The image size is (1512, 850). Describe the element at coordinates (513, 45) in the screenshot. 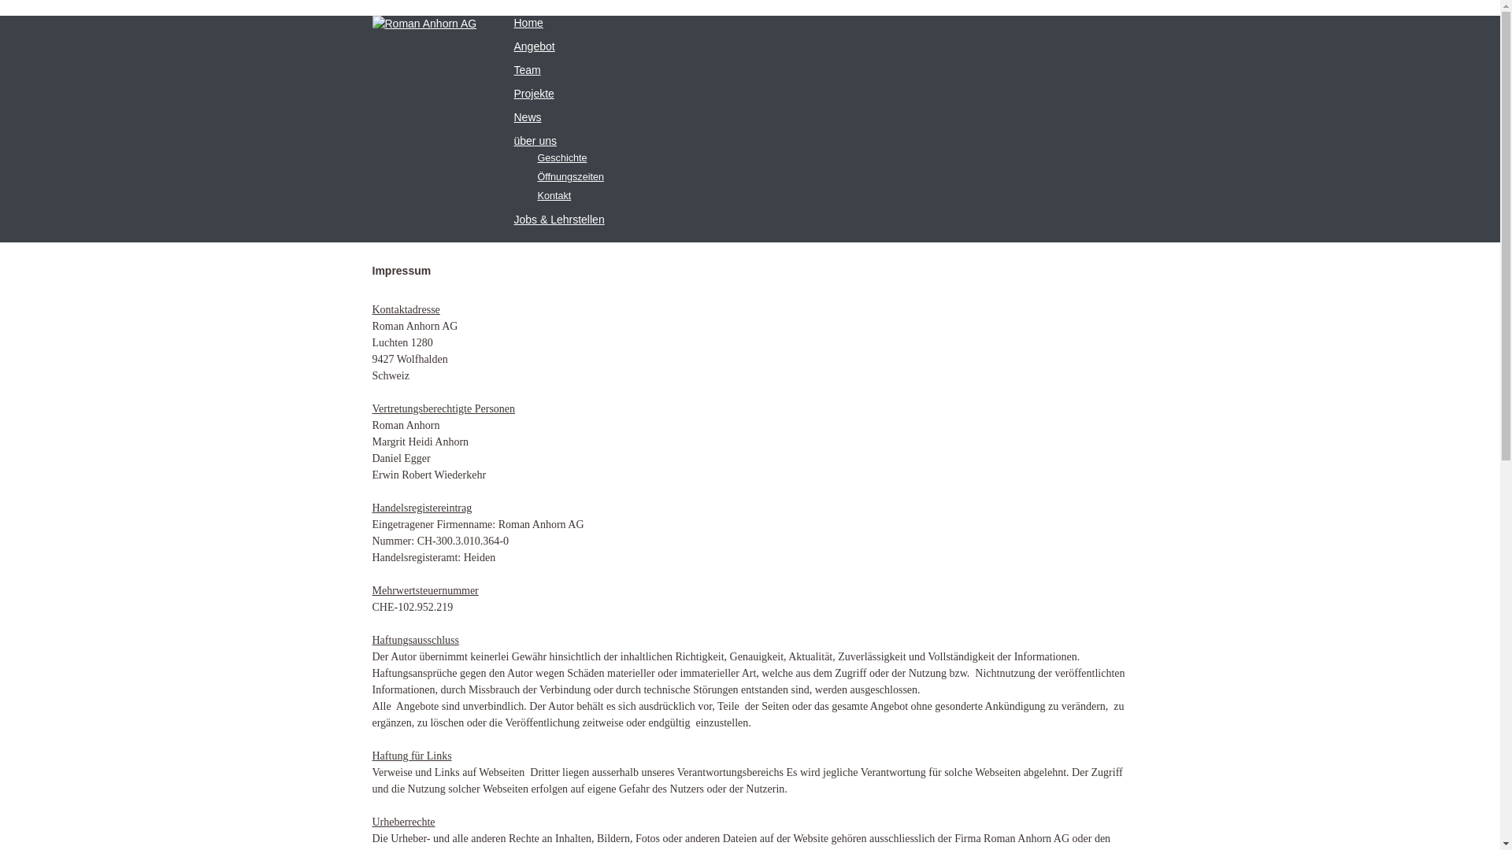

I see `'Angebot'` at that location.